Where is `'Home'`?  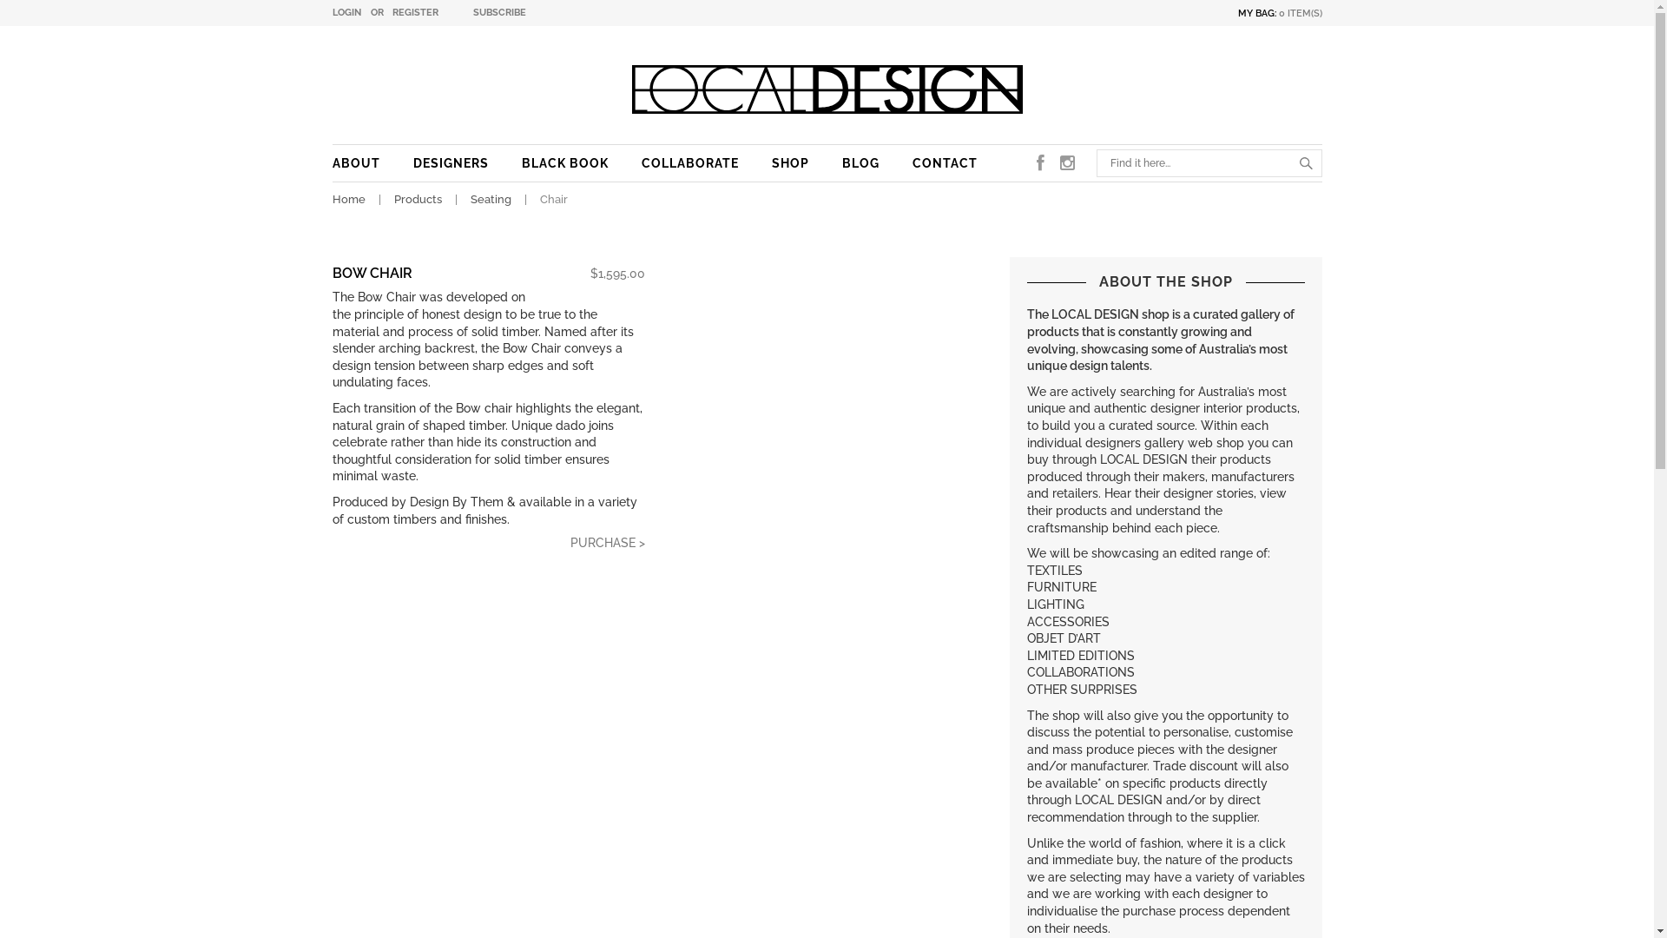
'Home' is located at coordinates (347, 198).